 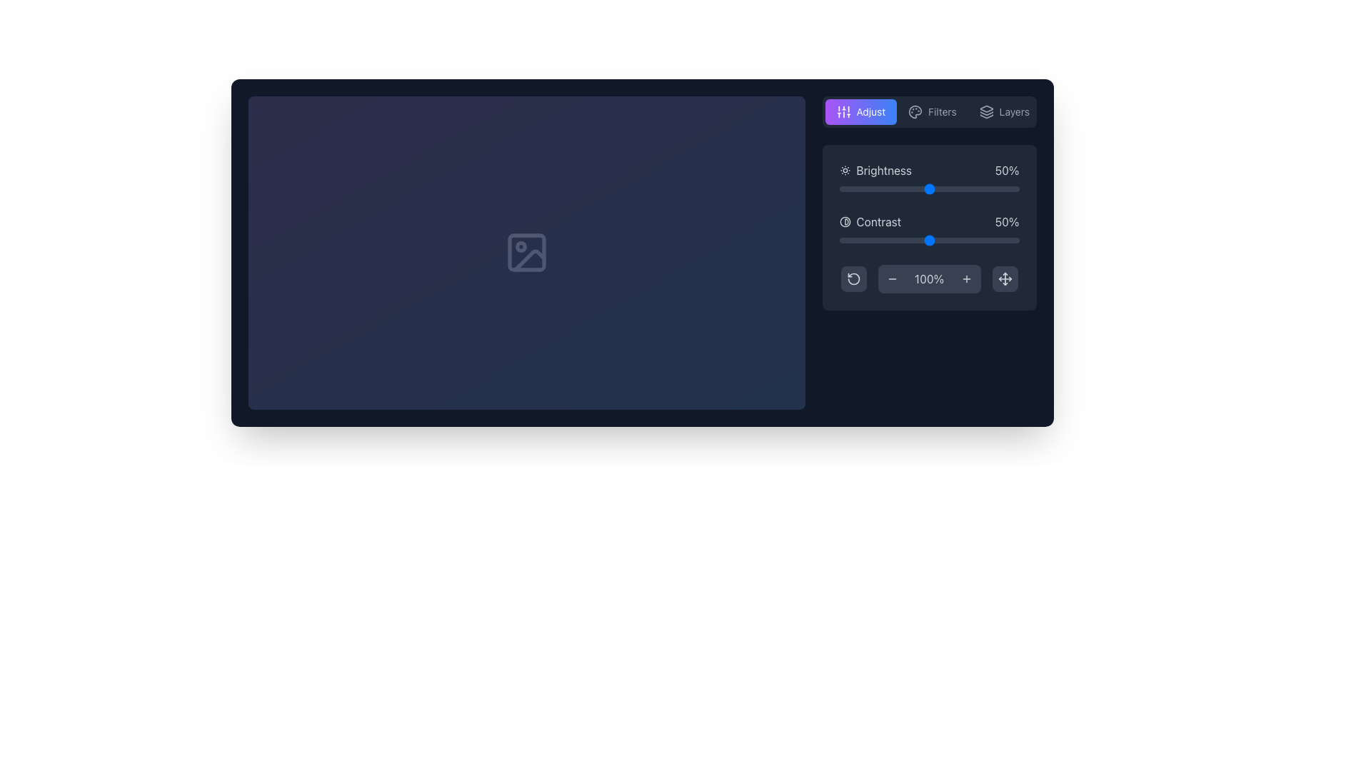 What do you see at coordinates (1006, 222) in the screenshot?
I see `the static text label displaying '50%' in white on a dark background, located to the right of the horizontal contrast slider within the settings panel` at bounding box center [1006, 222].